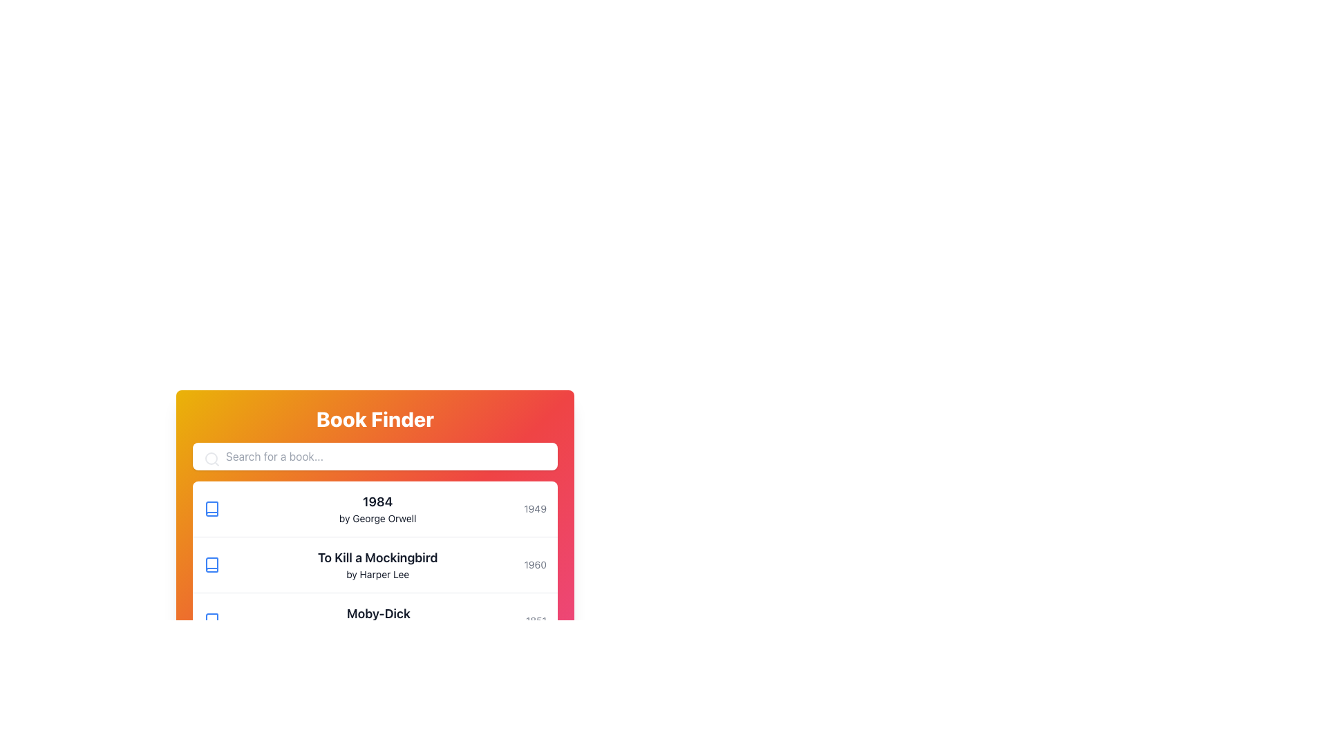  I want to click on on the text label displaying the book title 'Moby-Dick' in bold font, which is the third book entry in the book finder interface, so click(378, 620).